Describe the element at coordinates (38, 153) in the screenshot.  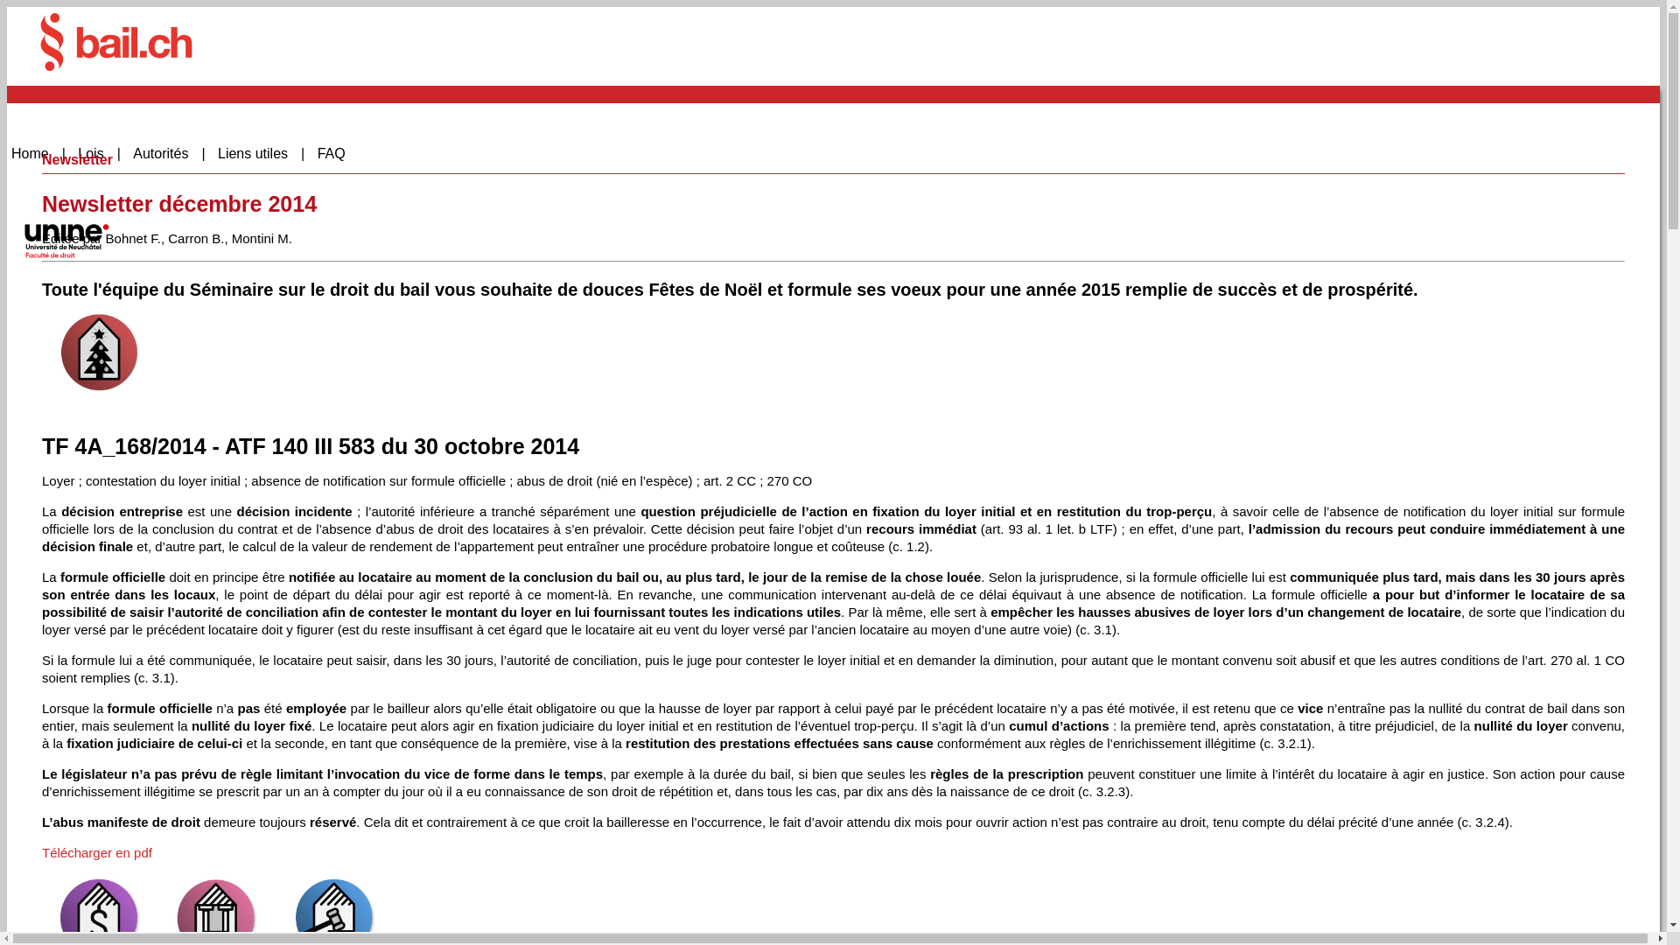
I see `'Home'` at that location.